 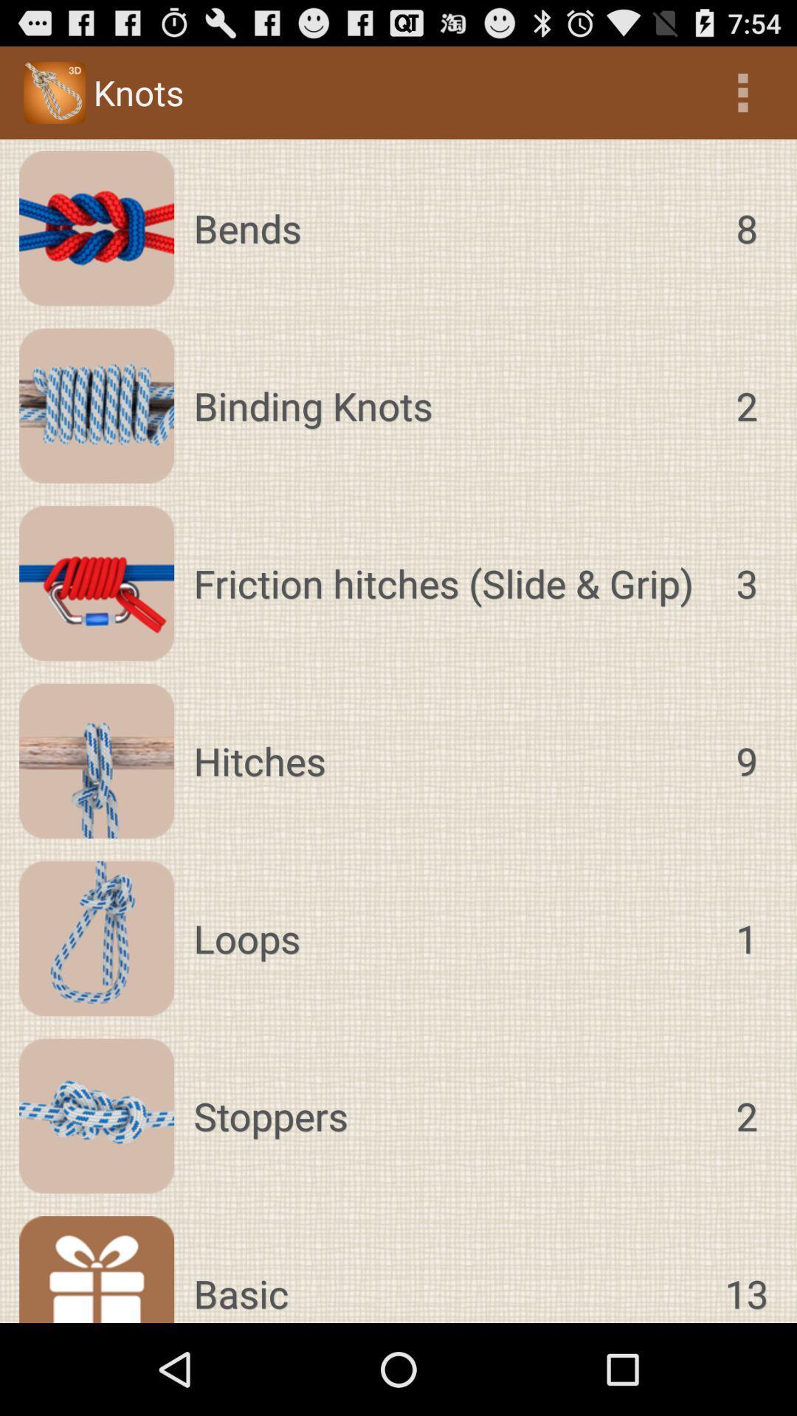 What do you see at coordinates (449, 406) in the screenshot?
I see `item above friction hitches slide app` at bounding box center [449, 406].